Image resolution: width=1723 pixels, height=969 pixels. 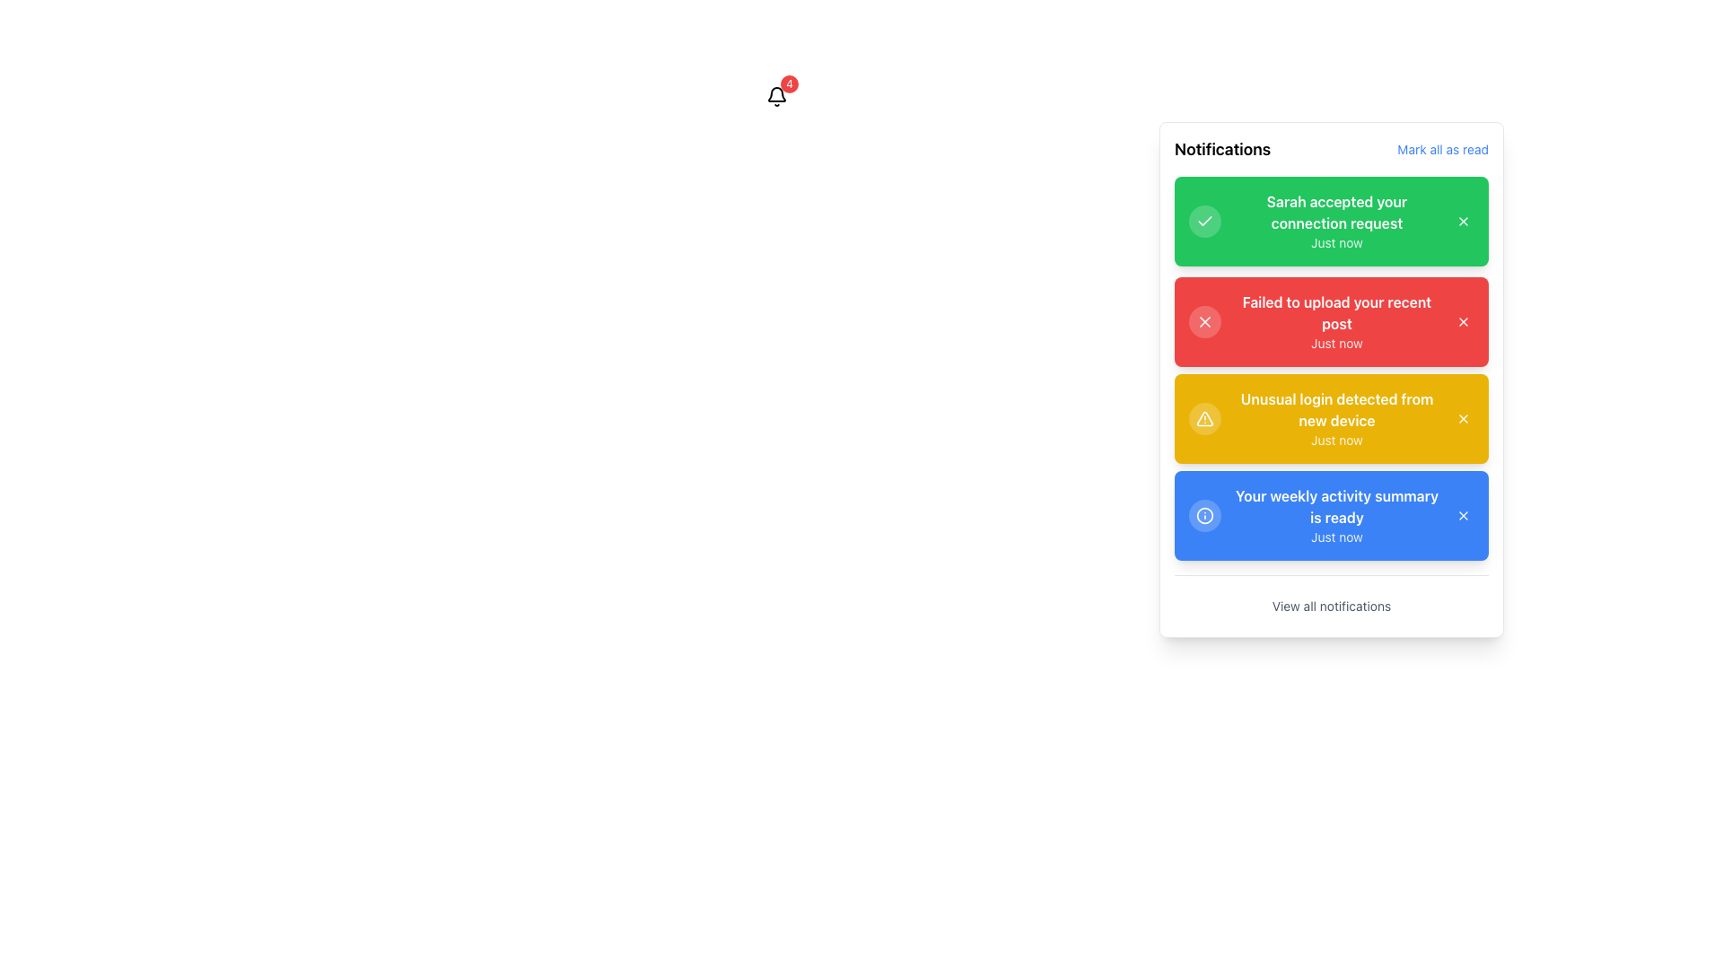 What do you see at coordinates (1205, 320) in the screenshot?
I see `the Close icon (vector graphic) located in the top-right corner of the notification card associated with the message 'Failed to upload your recent post.'` at bounding box center [1205, 320].